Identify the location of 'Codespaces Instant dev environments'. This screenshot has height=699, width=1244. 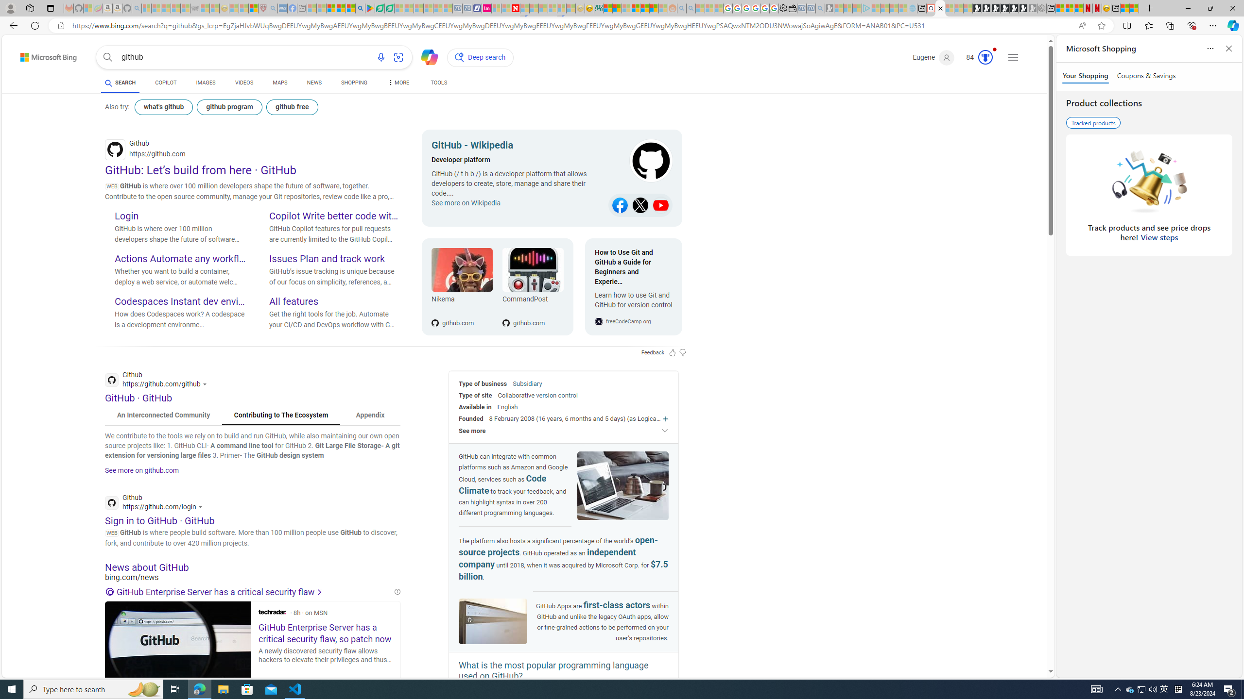
(180, 301).